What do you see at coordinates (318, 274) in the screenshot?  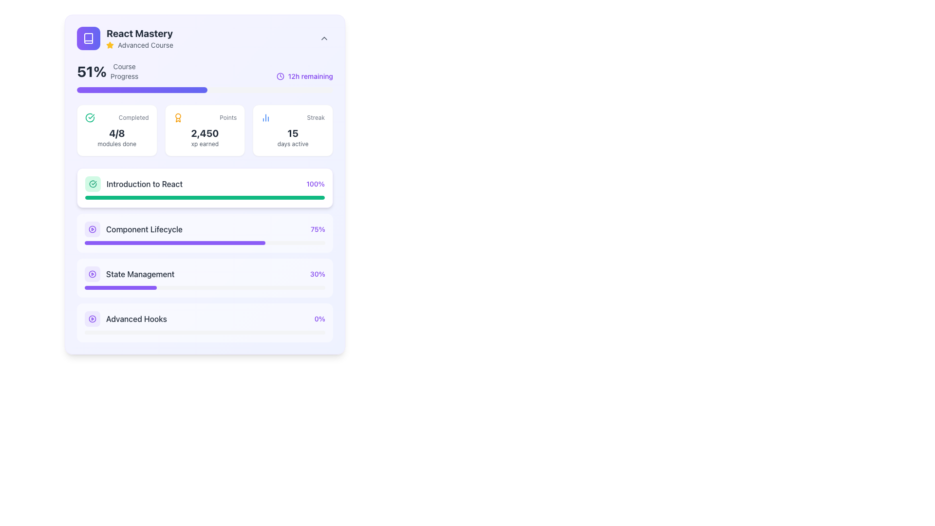 I see `the text label displaying '30%' in violet color, which is aligned to the right end of the progress entry in the 'State Management' row` at bounding box center [318, 274].